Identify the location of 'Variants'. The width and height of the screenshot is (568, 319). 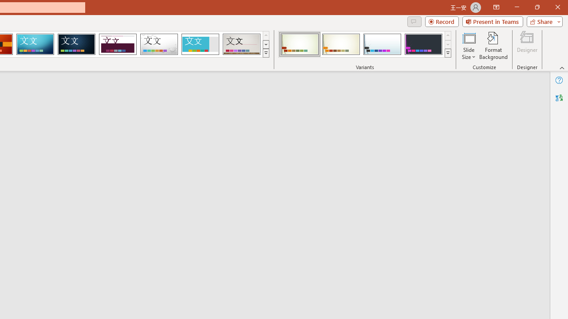
(448, 53).